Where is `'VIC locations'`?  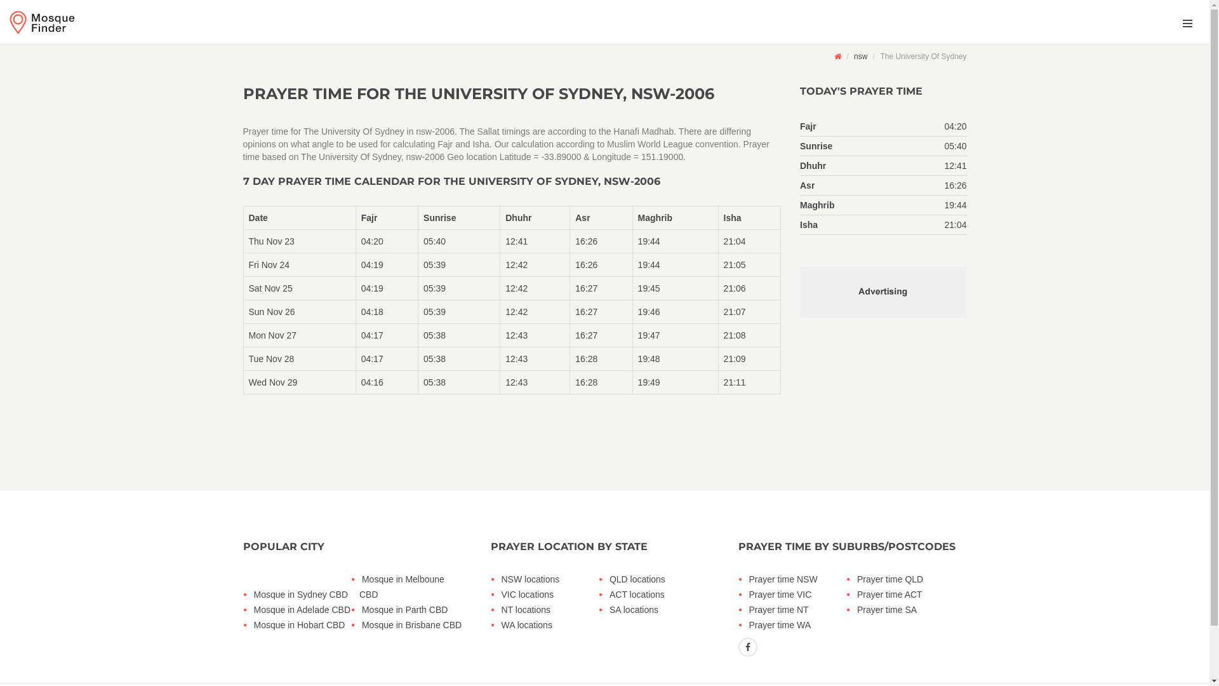
'VIC locations' is located at coordinates (552, 595).